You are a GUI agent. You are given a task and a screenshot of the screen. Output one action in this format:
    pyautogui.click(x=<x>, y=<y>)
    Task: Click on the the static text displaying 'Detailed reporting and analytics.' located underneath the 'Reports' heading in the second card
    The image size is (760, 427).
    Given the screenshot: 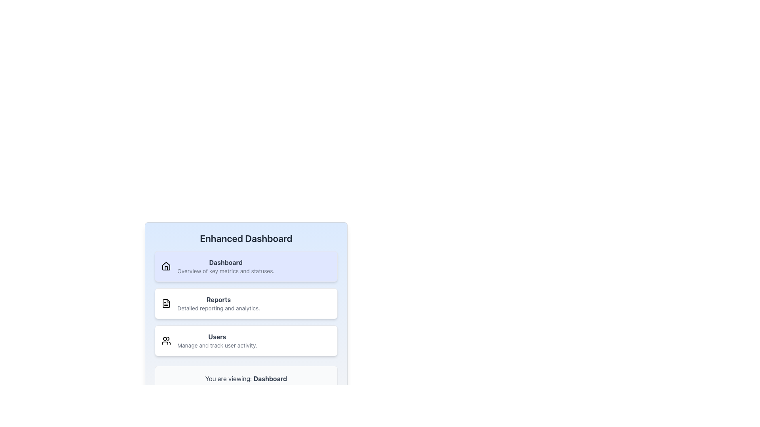 What is the action you would take?
    pyautogui.click(x=218, y=308)
    